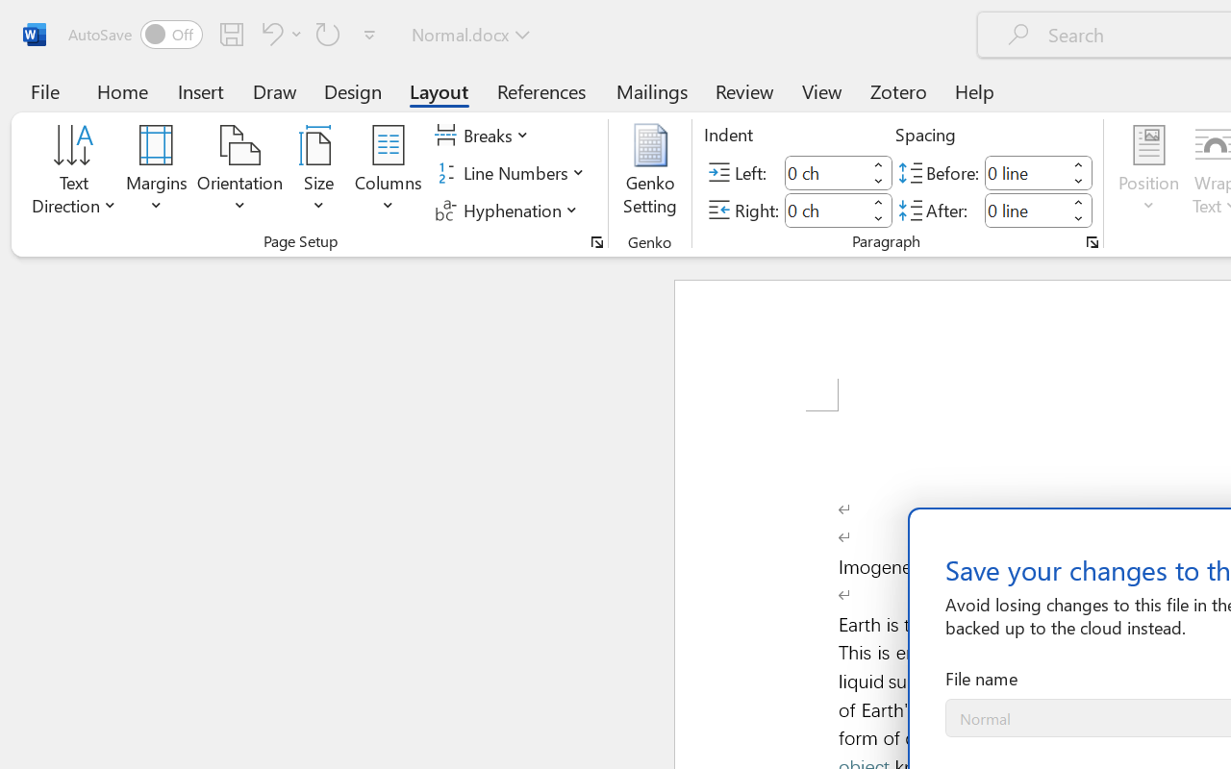 Image resolution: width=1231 pixels, height=769 pixels. I want to click on 'Hyphenation', so click(509, 210).